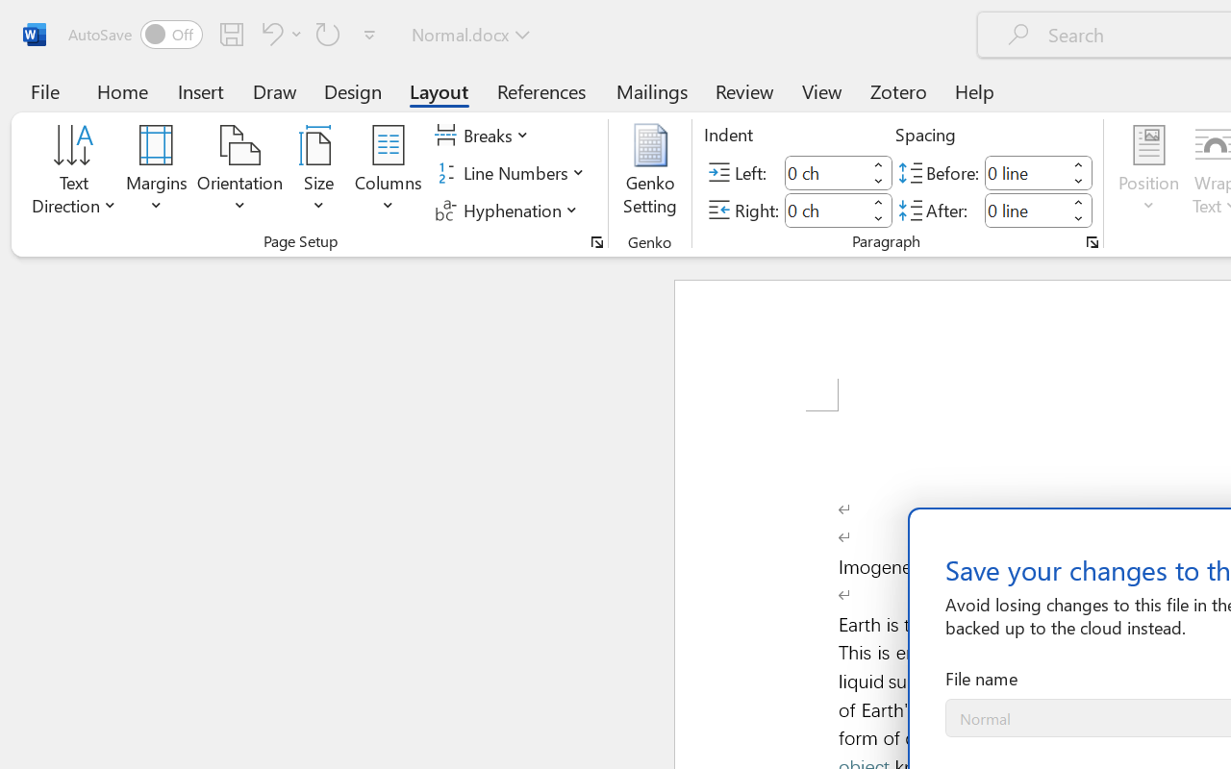 Image resolution: width=1231 pixels, height=769 pixels. I want to click on 'Hyphenation', so click(509, 210).